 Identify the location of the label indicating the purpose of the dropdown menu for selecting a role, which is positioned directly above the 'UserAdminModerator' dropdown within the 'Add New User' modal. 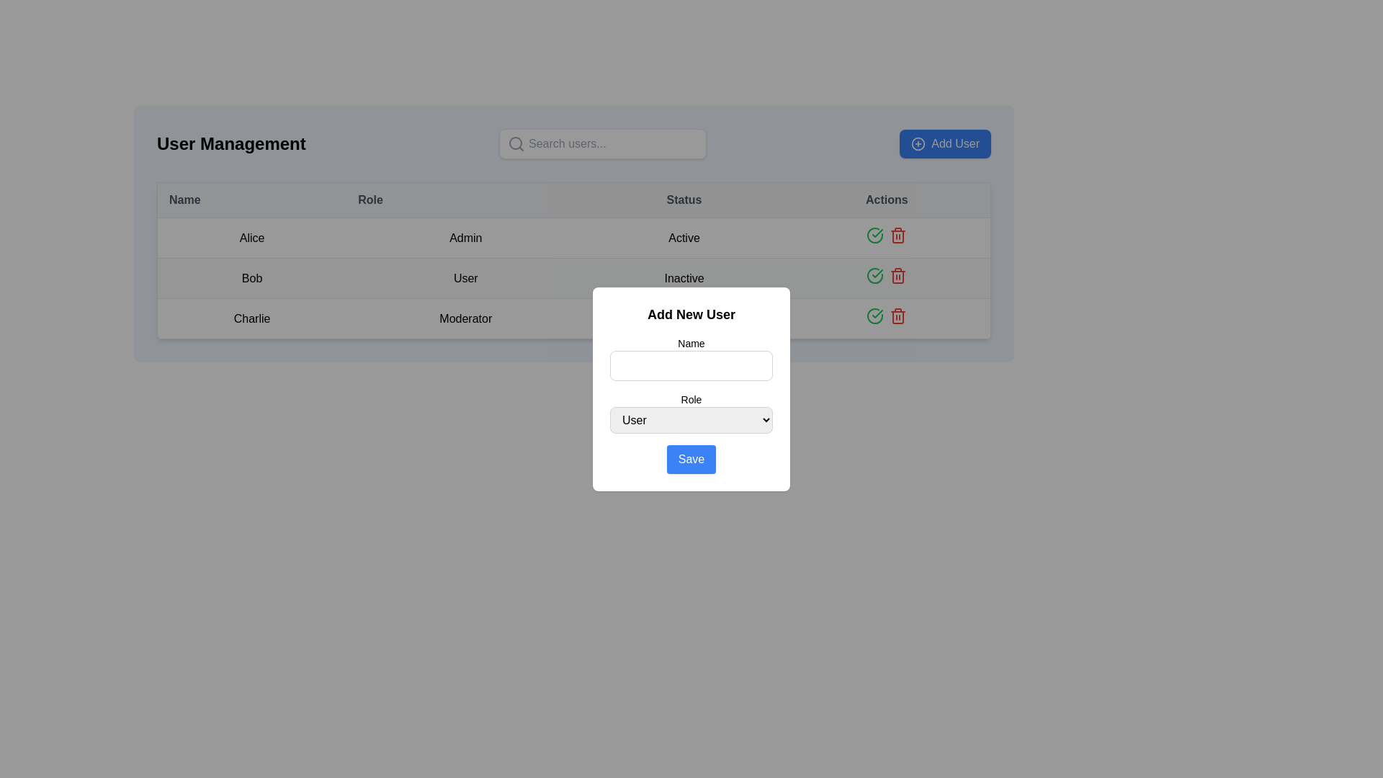
(691, 399).